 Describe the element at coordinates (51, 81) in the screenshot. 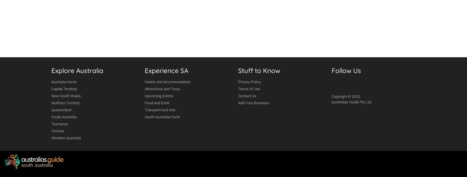

I see `'Australia Home'` at that location.